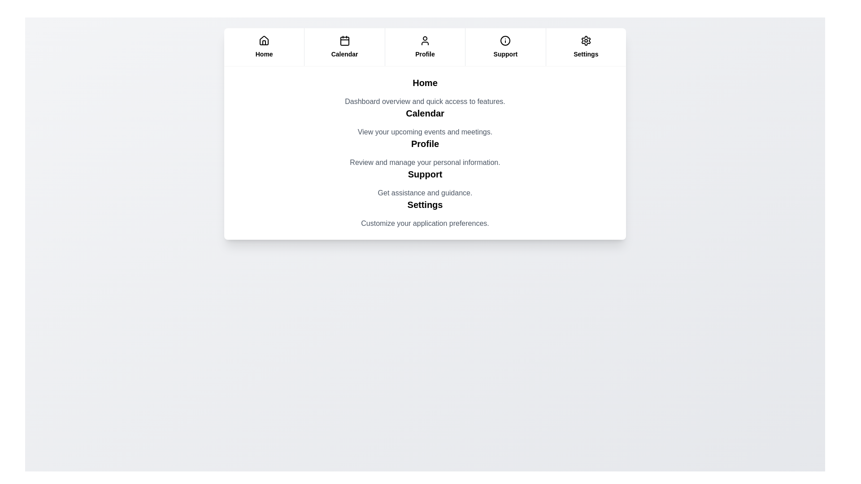 The image size is (861, 484). Describe the element at coordinates (586, 54) in the screenshot. I see `text label located at the bottom of the settings tab in the navigation bar, which describes the purpose of the settings tab and is positioned below the settings gear icon` at that location.